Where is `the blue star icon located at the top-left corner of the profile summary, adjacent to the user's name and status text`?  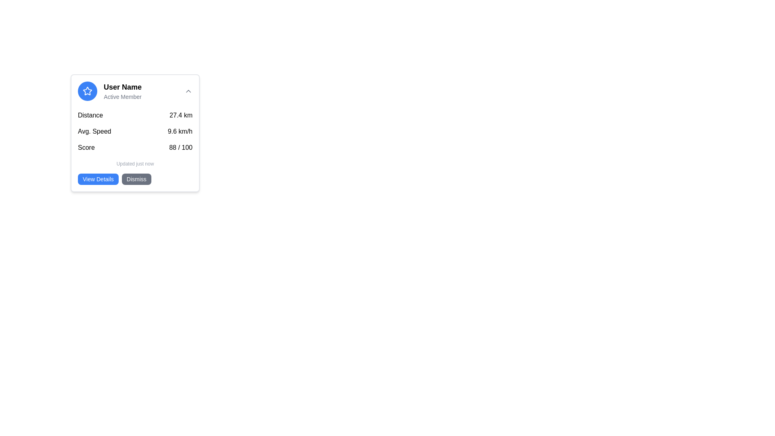
the blue star icon located at the top-left corner of the profile summary, adjacent to the user's name and status text is located at coordinates (87, 91).